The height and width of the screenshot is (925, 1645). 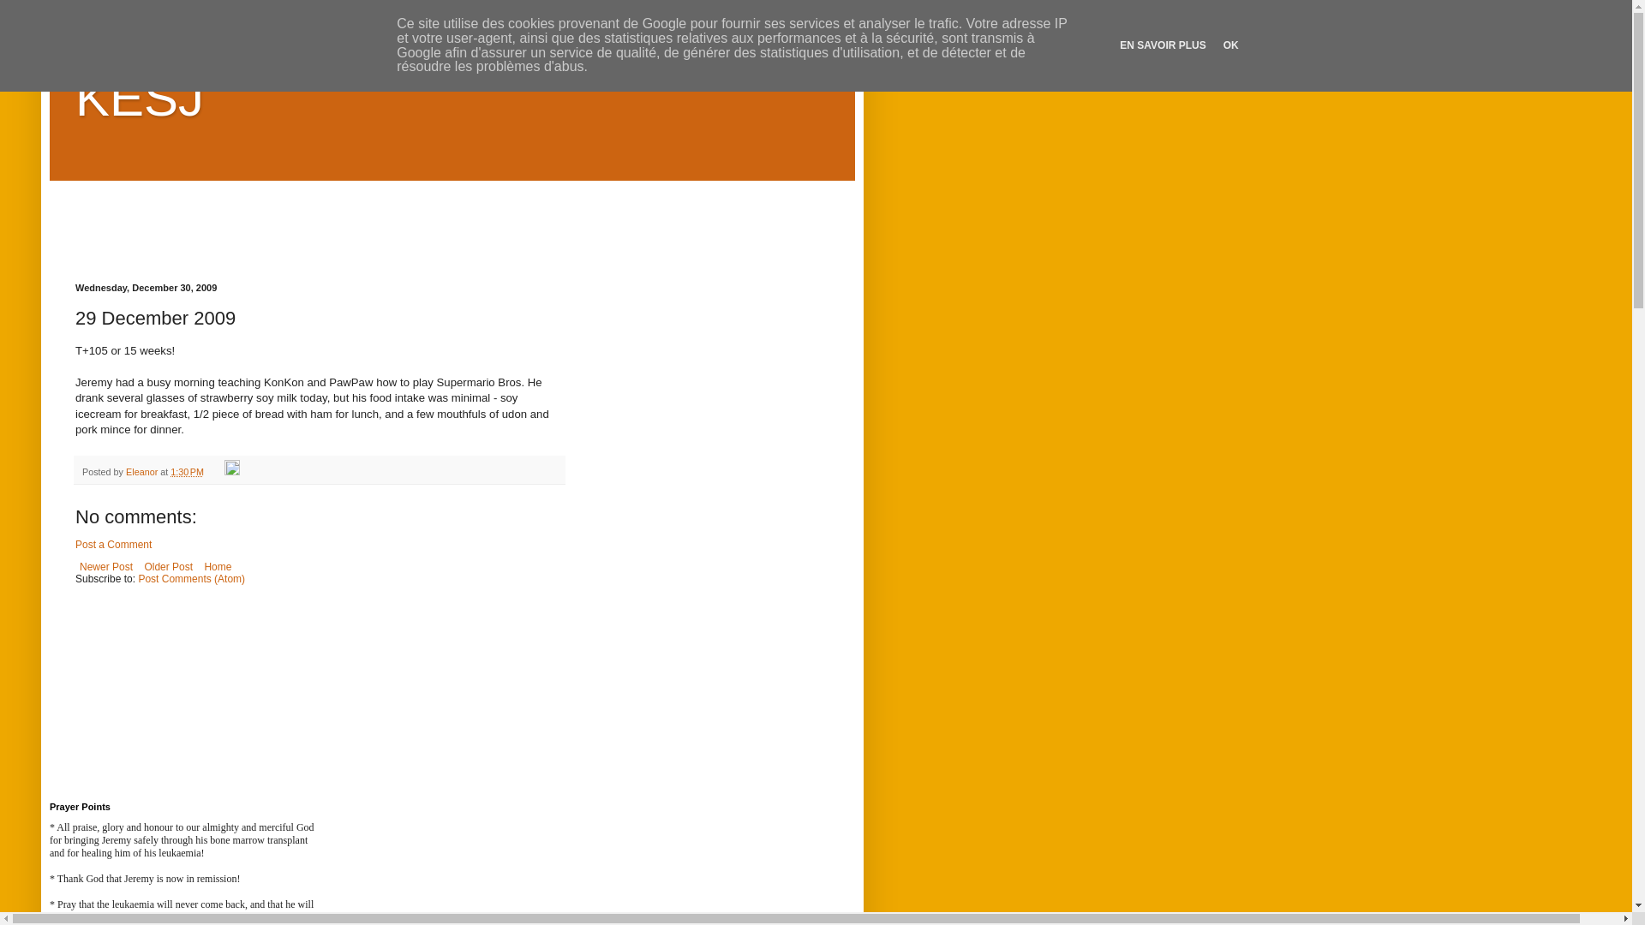 What do you see at coordinates (217, 567) in the screenshot?
I see `'Home'` at bounding box center [217, 567].